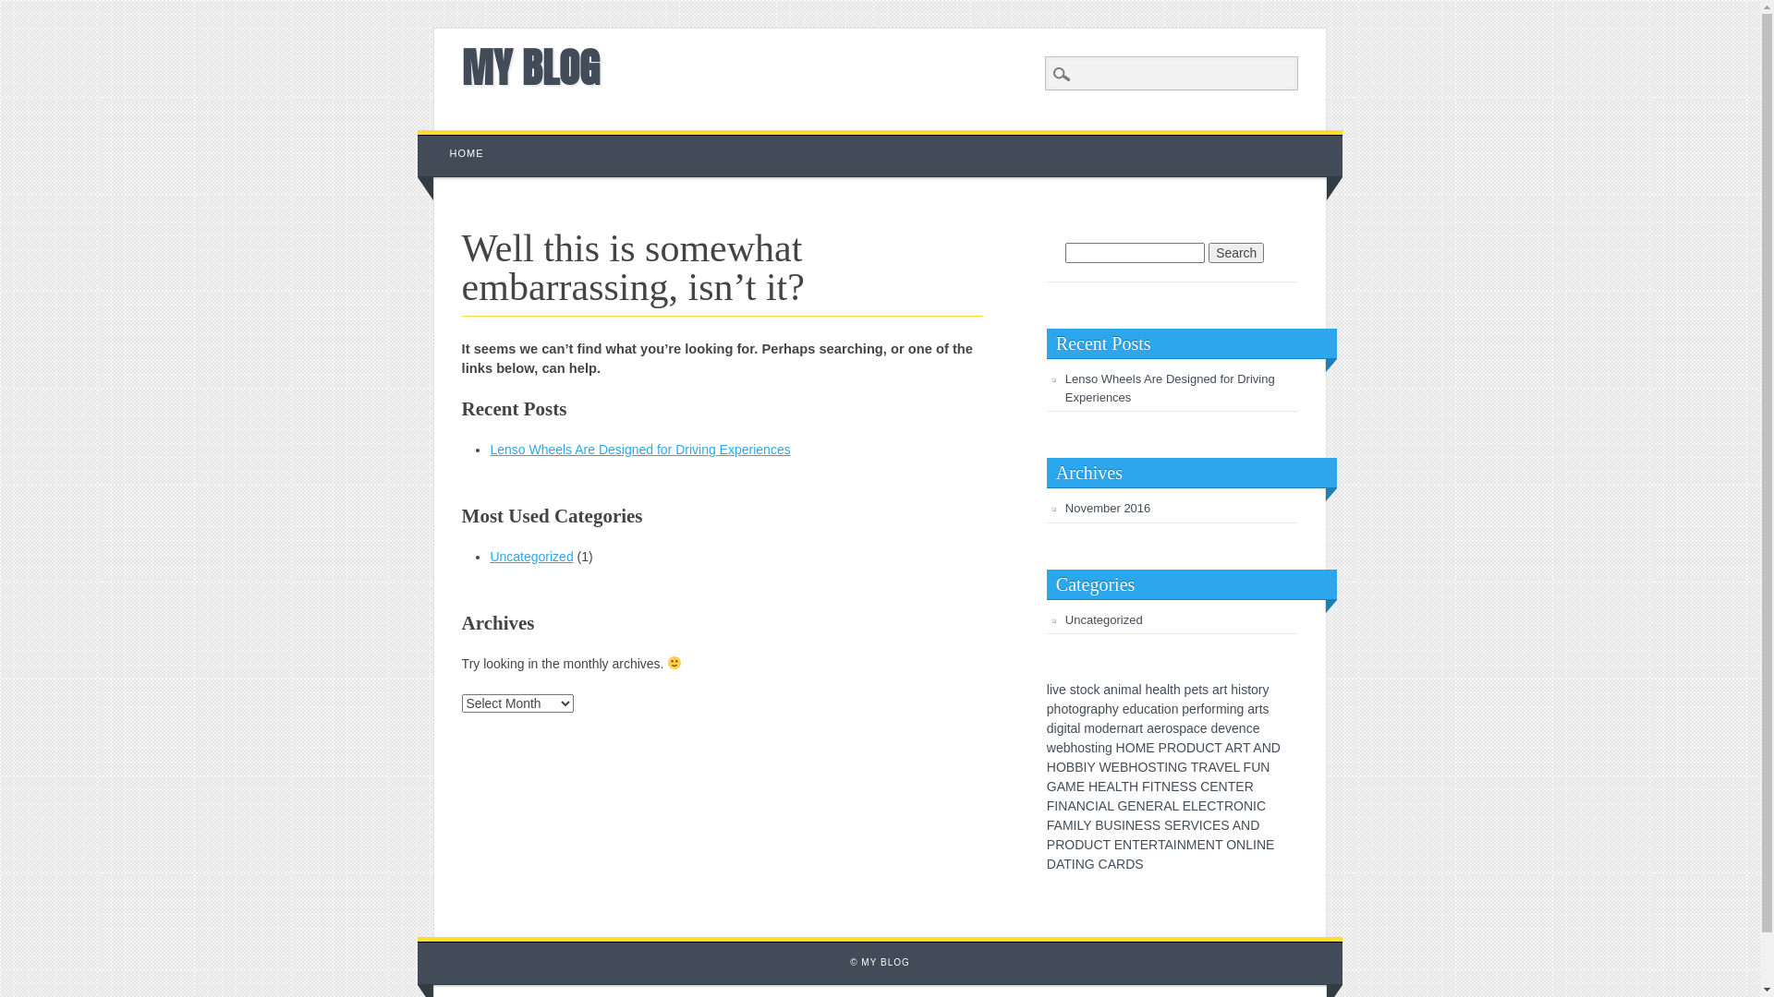 This screenshot has width=1774, height=997. What do you see at coordinates (1238, 804) in the screenshot?
I see `'O'` at bounding box center [1238, 804].